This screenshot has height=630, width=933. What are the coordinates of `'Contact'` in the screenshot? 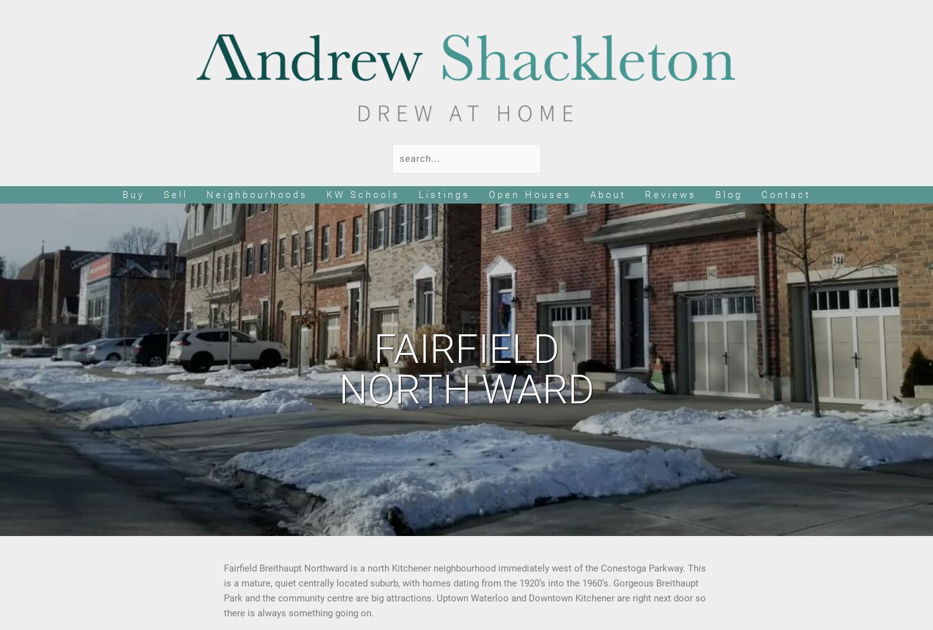 It's located at (759, 194).